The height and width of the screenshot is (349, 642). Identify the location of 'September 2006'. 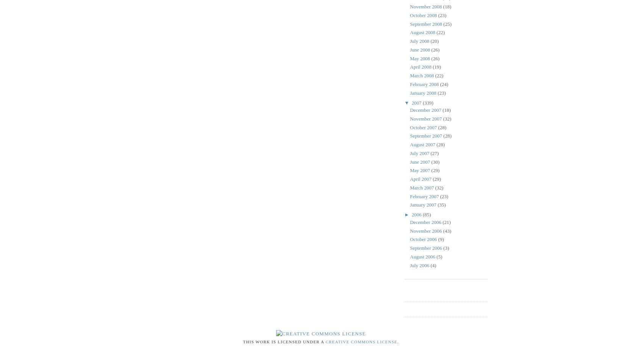
(426, 248).